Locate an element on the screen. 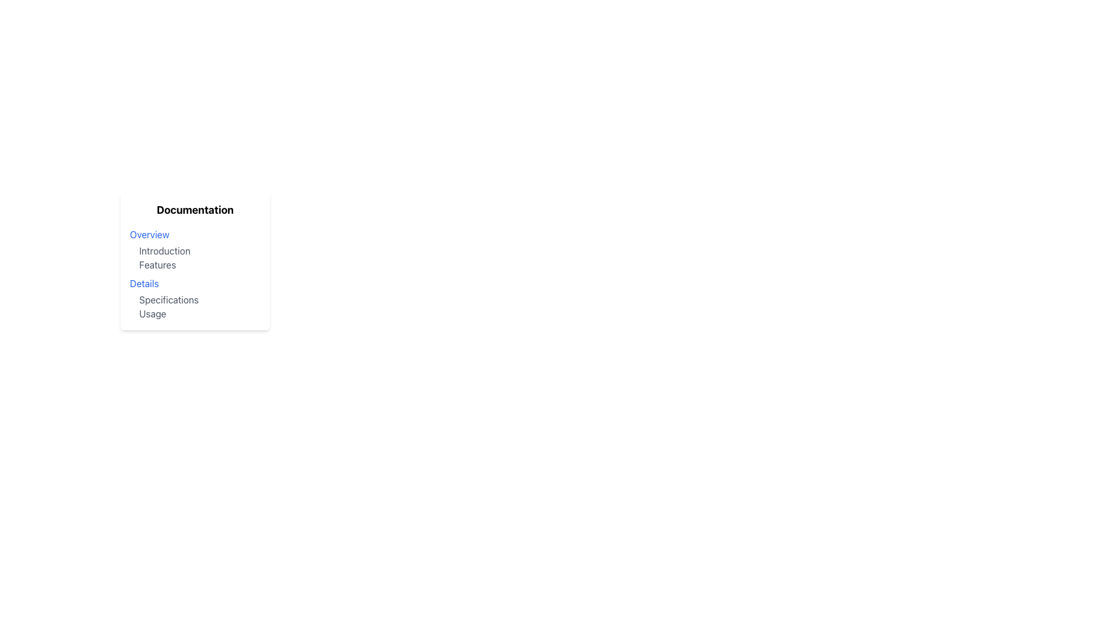  the 'Overview' hyperlink, which is the first link in the navigation section of the documentation, to indicate interaction is located at coordinates (149, 234).